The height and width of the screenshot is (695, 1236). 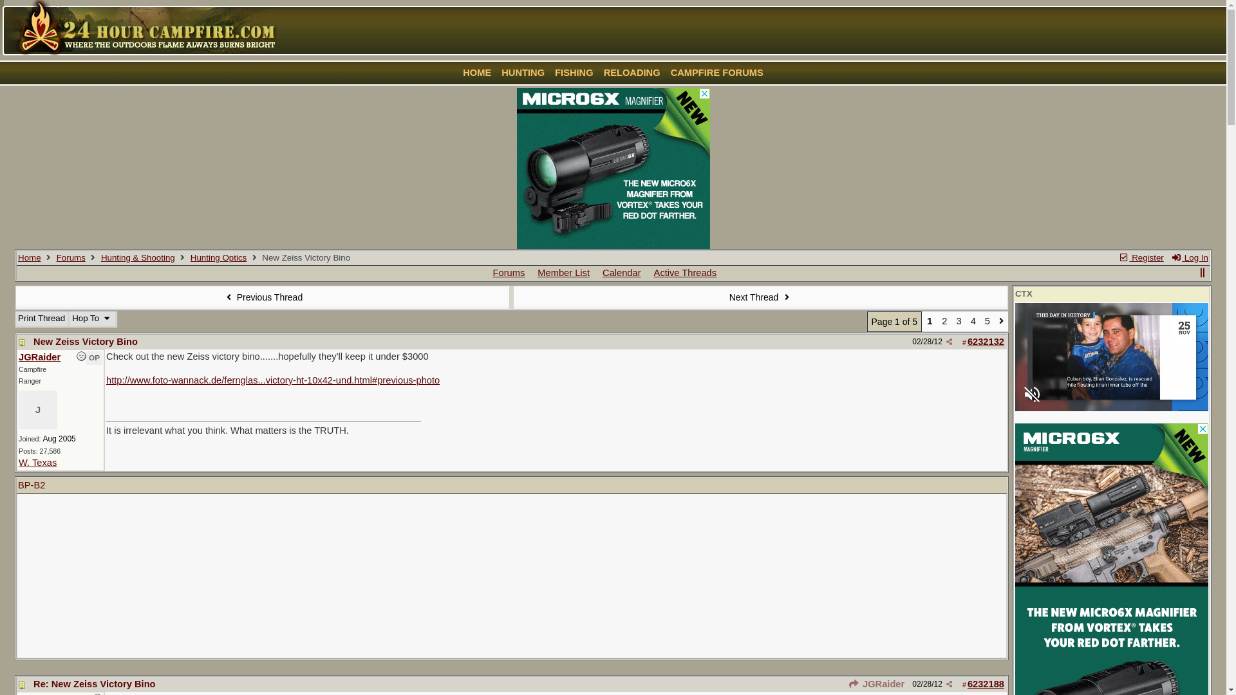 I want to click on '4', so click(x=973, y=321).